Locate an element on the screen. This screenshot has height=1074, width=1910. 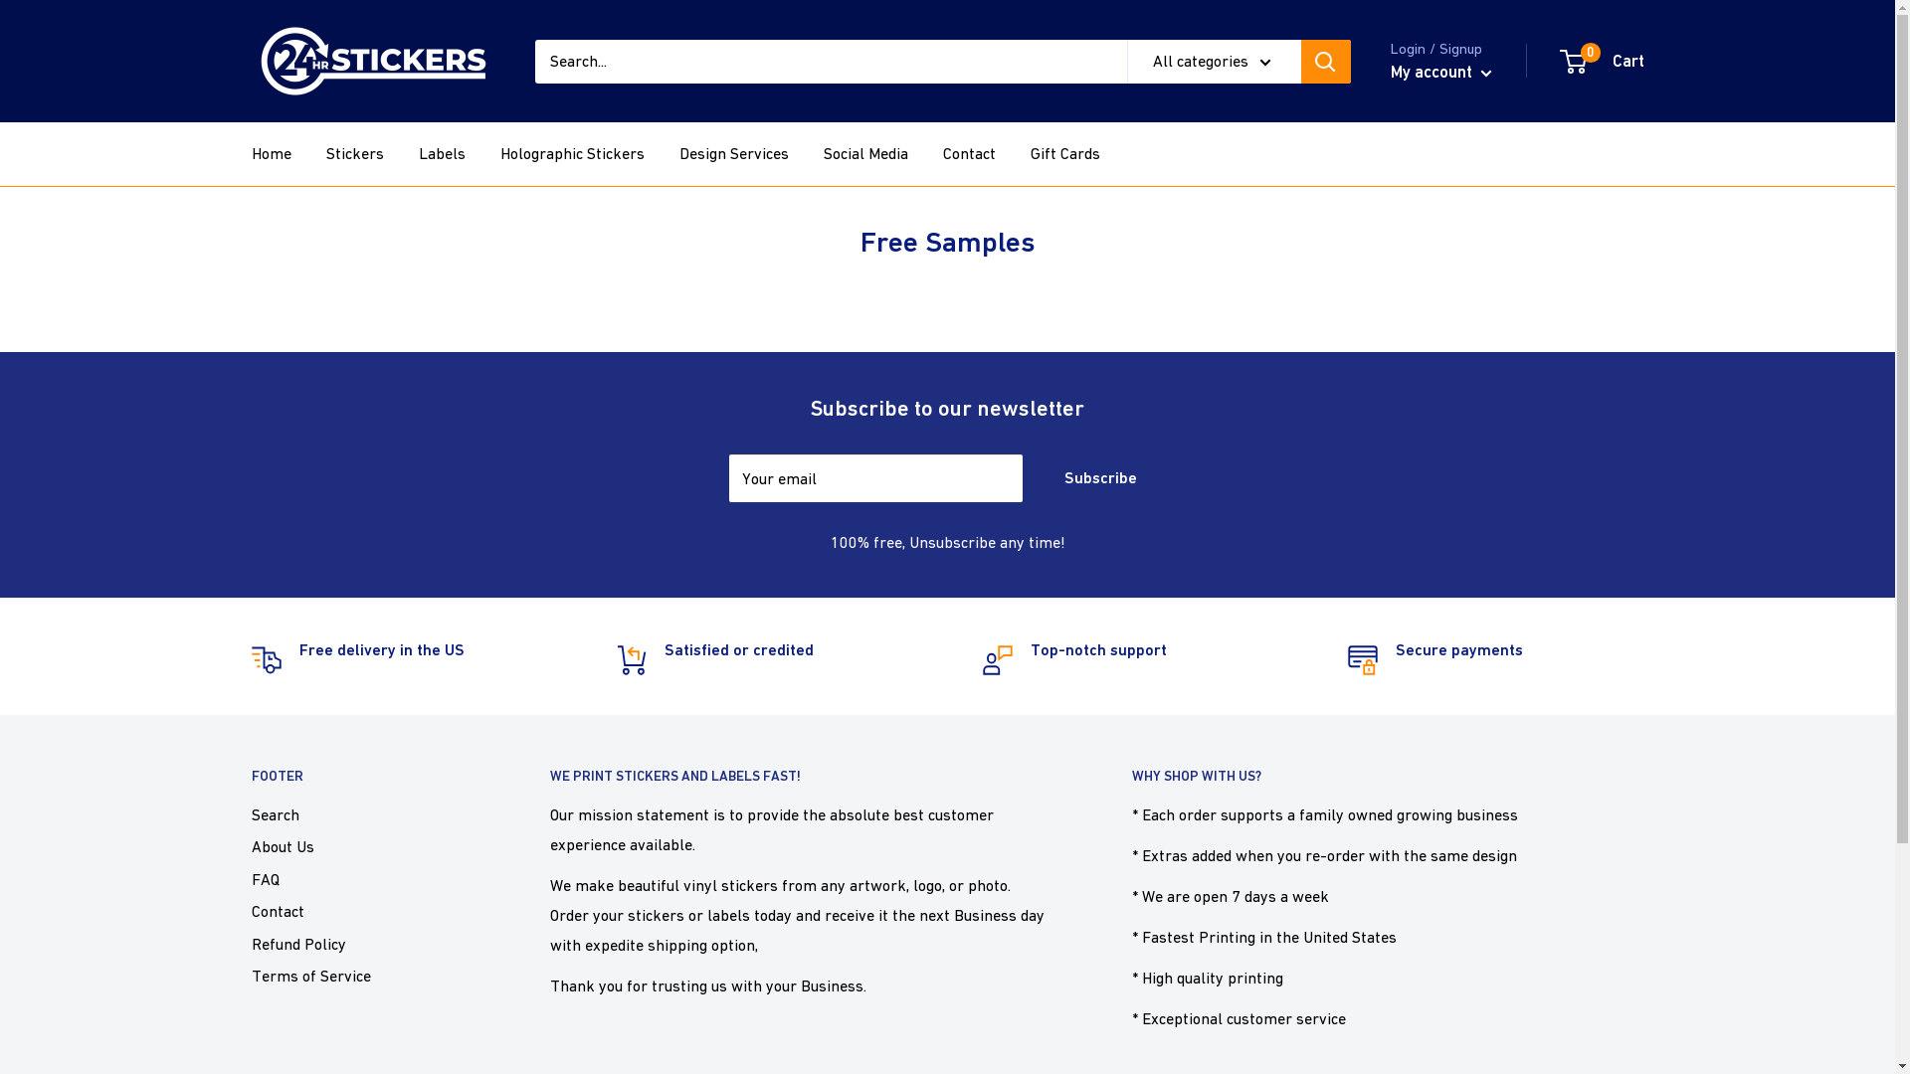
'My account' is located at coordinates (1441, 72).